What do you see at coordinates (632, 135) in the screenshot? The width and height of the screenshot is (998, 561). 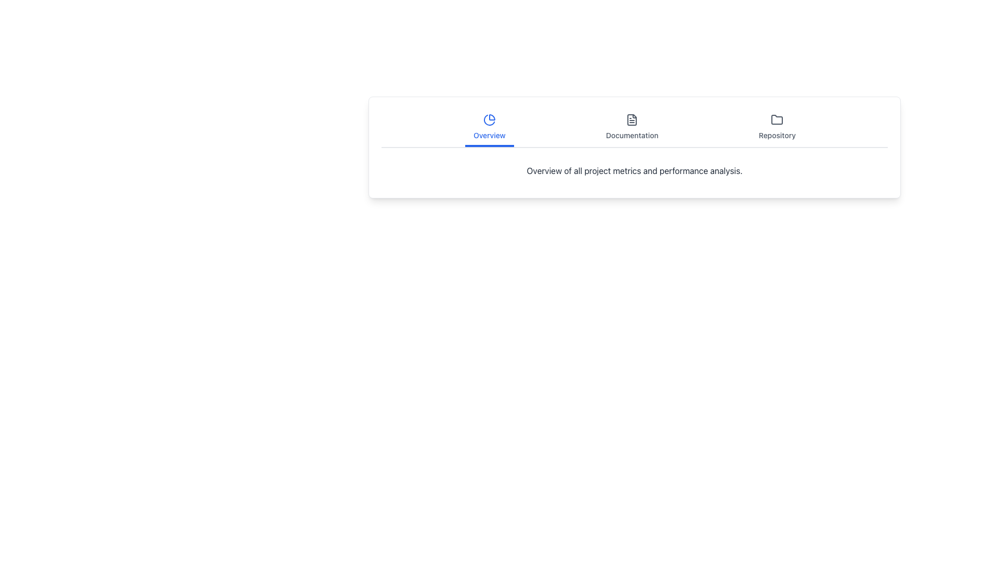 I see `the text label reading 'Documentation', which is styled with a smaller font size and a medium weight, located centrally below a document icon in the navigation bar` at bounding box center [632, 135].